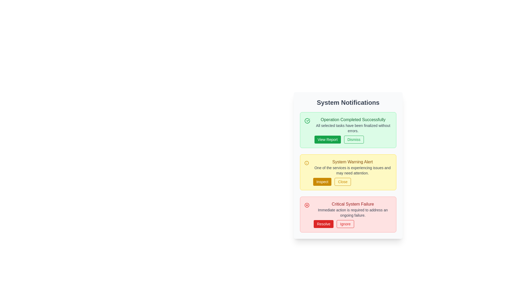 The width and height of the screenshot is (507, 285). What do you see at coordinates (352, 182) in the screenshot?
I see `the Close button in the System Warning Alert box` at bounding box center [352, 182].